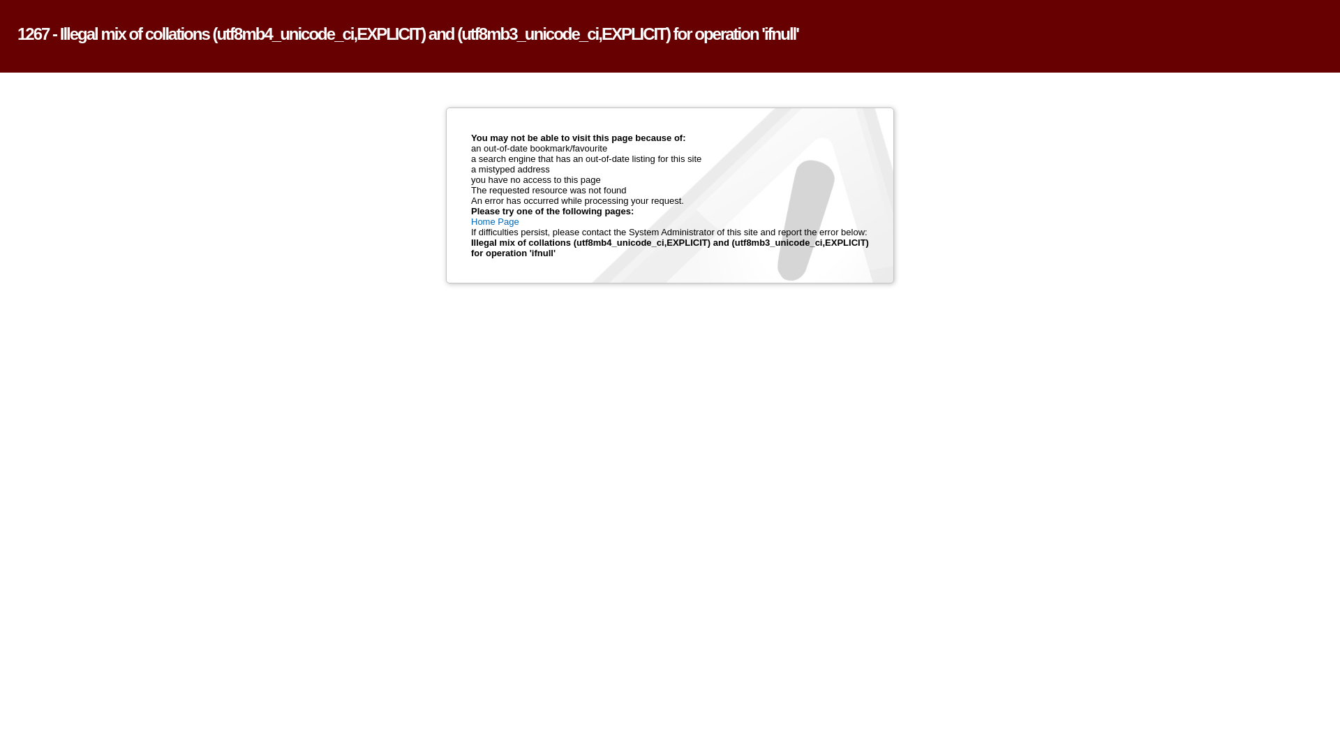  What do you see at coordinates (495, 221) in the screenshot?
I see `'Home Page'` at bounding box center [495, 221].